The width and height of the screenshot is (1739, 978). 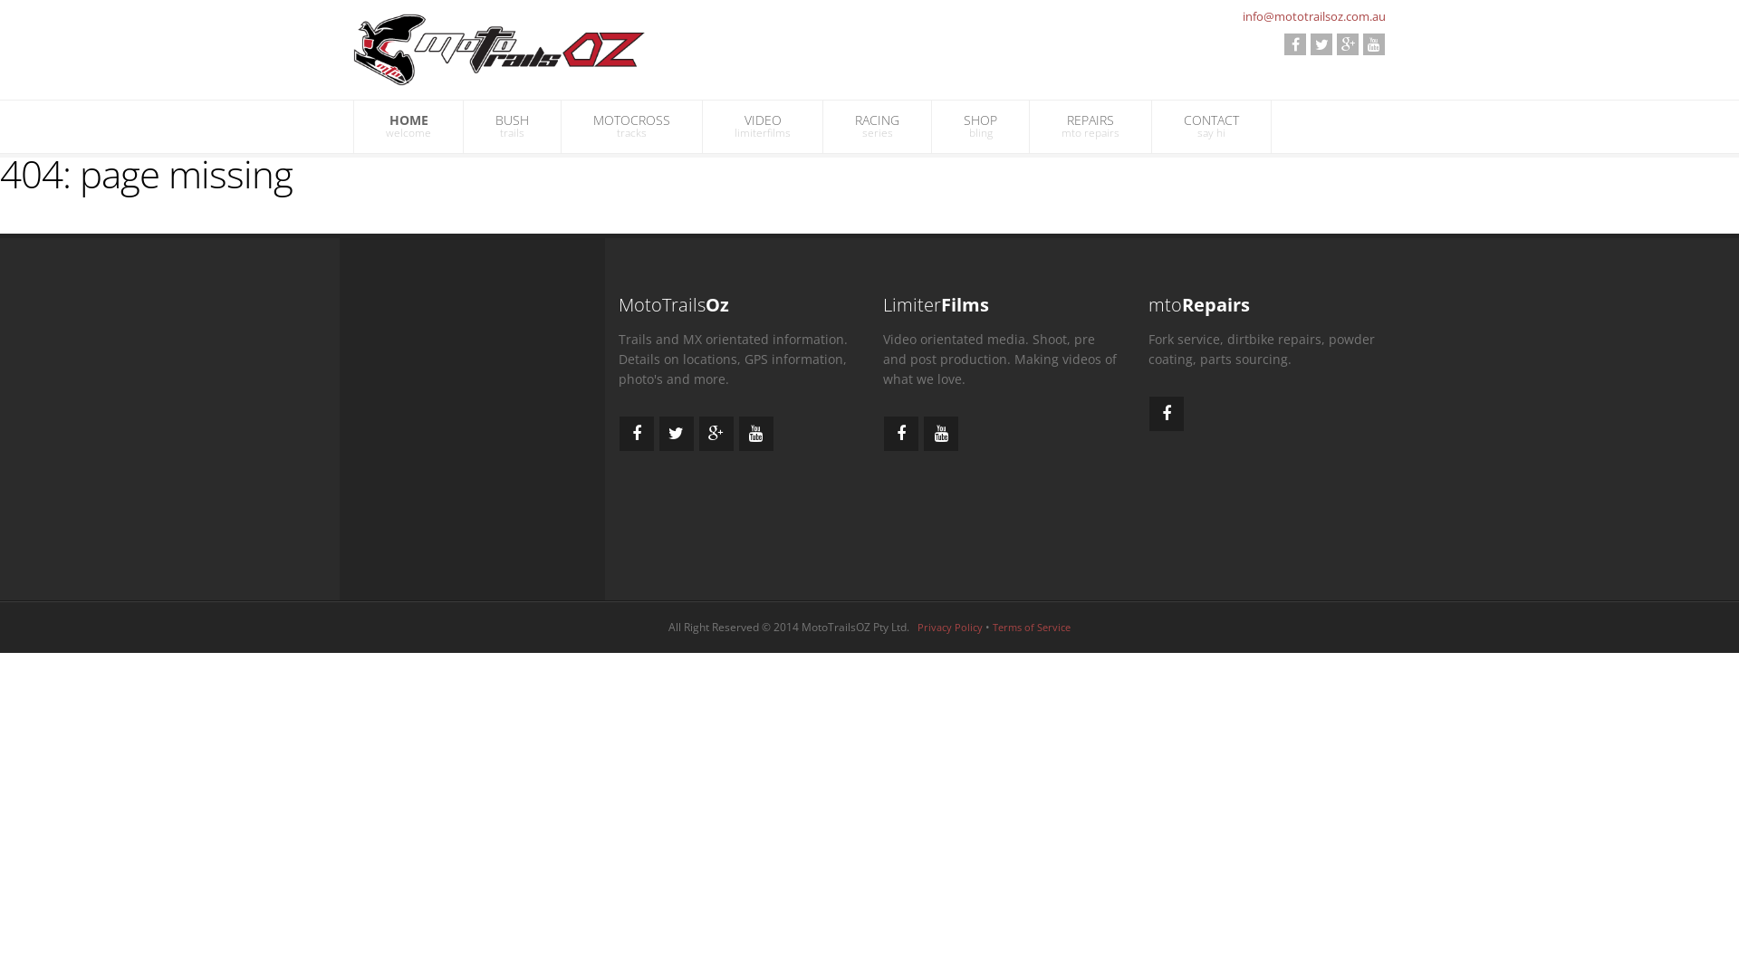 What do you see at coordinates (631, 125) in the screenshot?
I see `'MOTOCROSS` at bounding box center [631, 125].